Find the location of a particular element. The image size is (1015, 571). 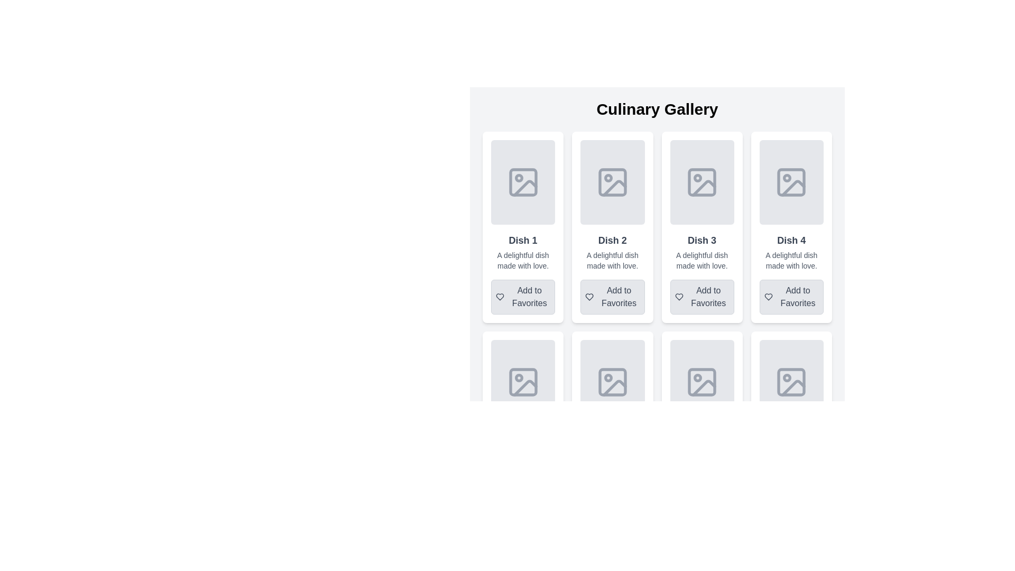

the small rectangle in the upper left region of the picture icon within the third card on the top row of the grid layout is located at coordinates (702, 181).